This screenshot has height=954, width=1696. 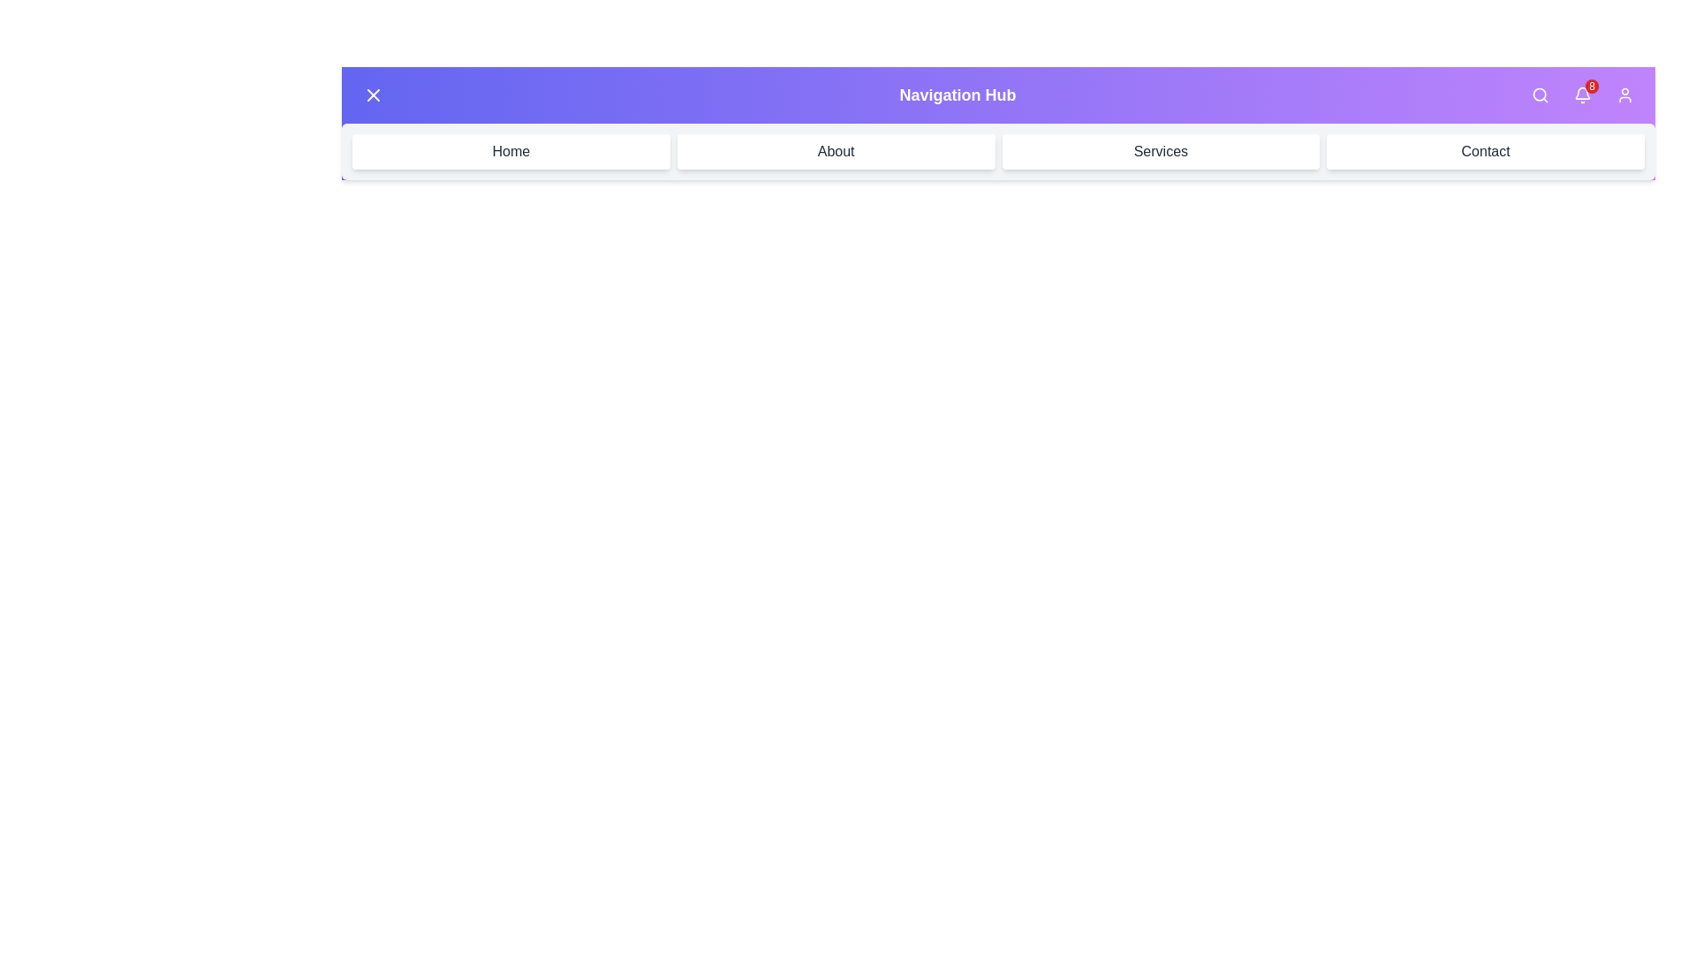 I want to click on the top-left button to toggle the menu visibility, so click(x=372, y=95).